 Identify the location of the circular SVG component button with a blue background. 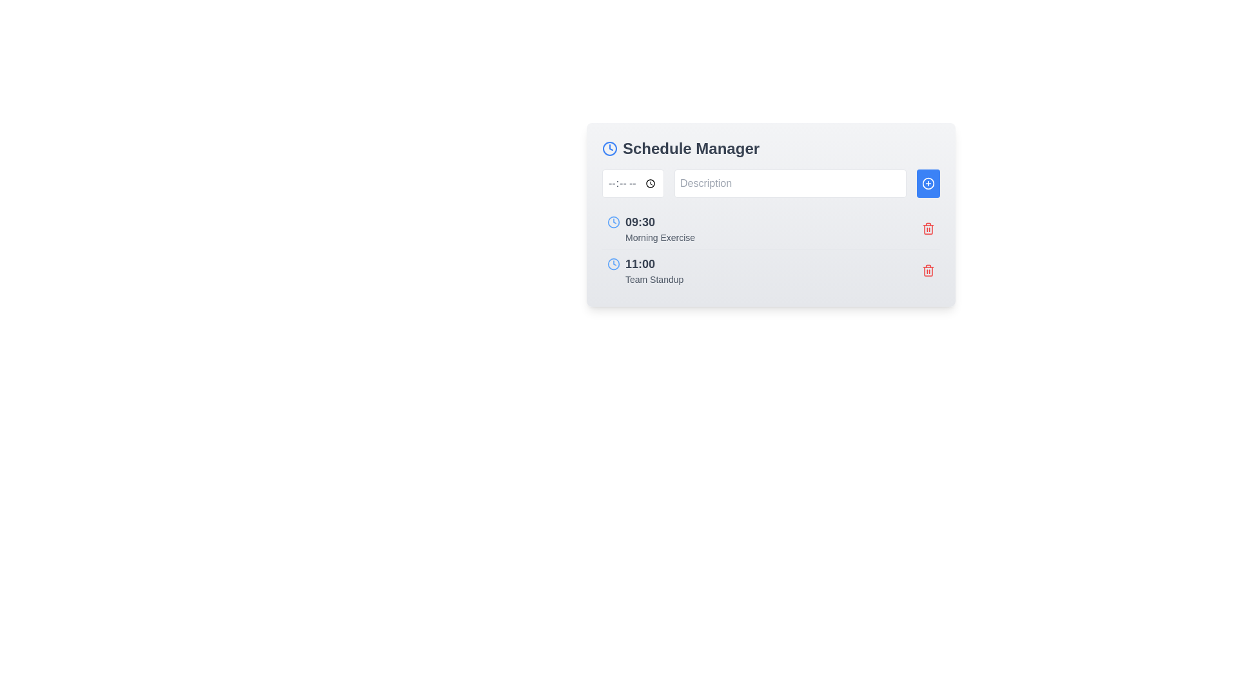
(928, 184).